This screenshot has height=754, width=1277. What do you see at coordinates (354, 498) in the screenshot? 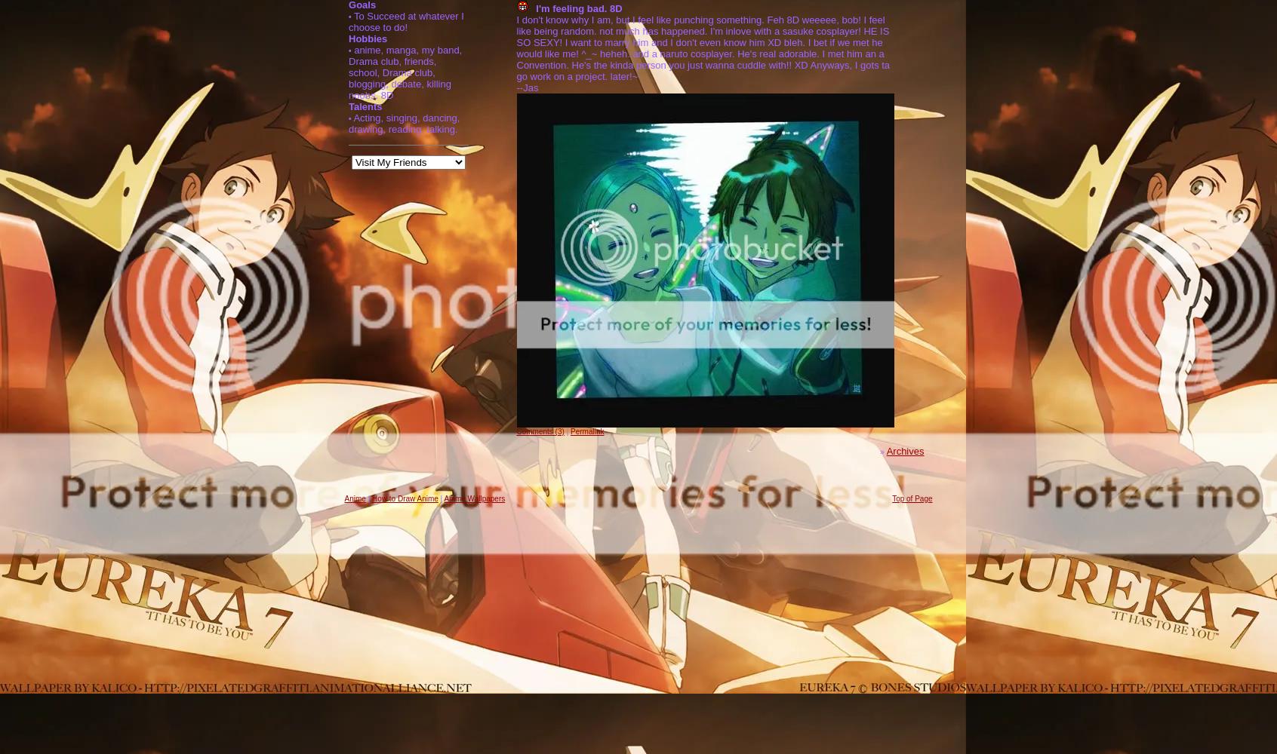
I see `'Anime'` at bounding box center [354, 498].